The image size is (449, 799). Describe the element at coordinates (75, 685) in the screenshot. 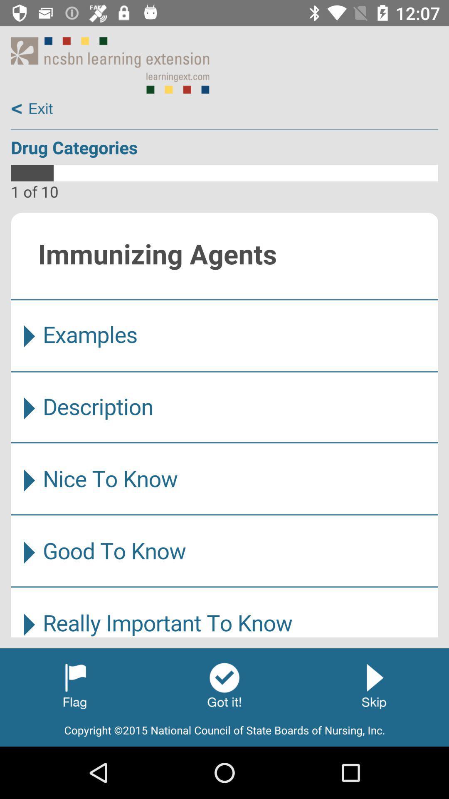

I see `flag option` at that location.